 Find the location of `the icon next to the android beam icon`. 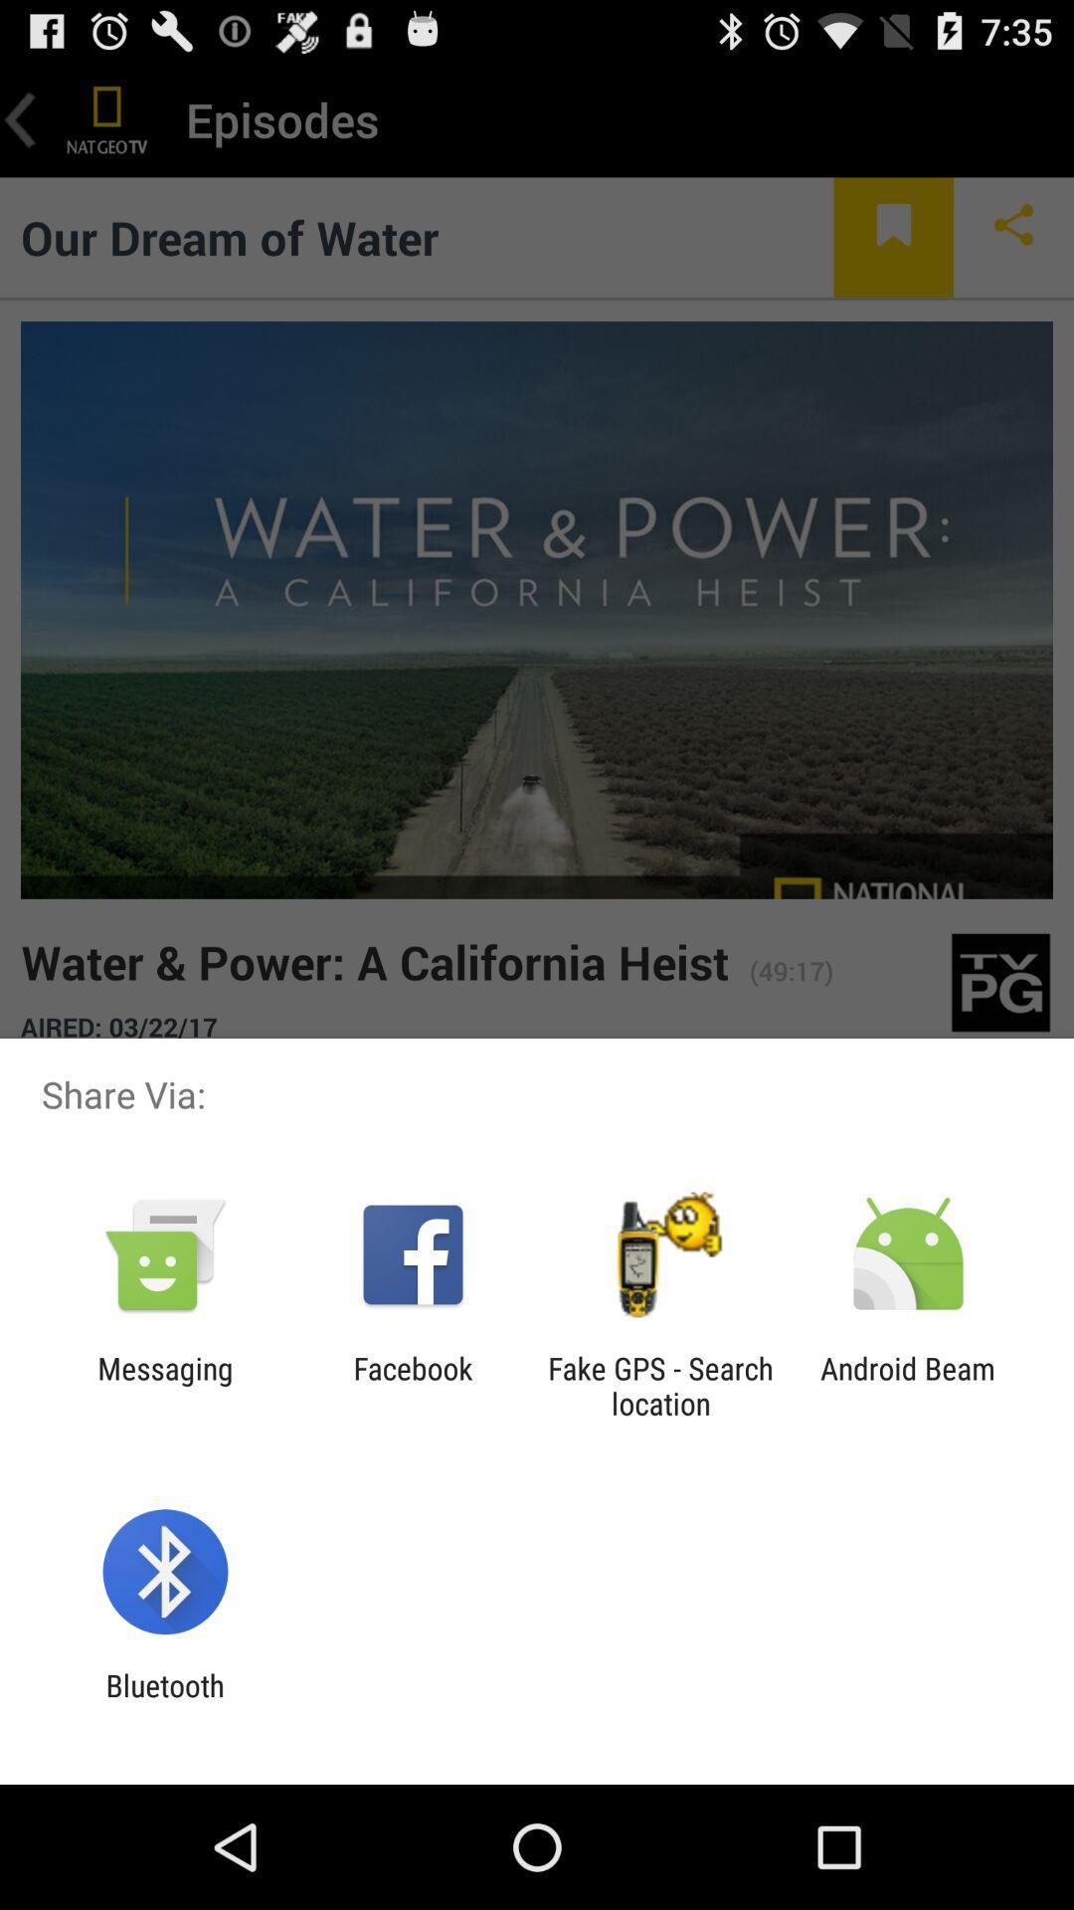

the icon next to the android beam icon is located at coordinates (660, 1385).